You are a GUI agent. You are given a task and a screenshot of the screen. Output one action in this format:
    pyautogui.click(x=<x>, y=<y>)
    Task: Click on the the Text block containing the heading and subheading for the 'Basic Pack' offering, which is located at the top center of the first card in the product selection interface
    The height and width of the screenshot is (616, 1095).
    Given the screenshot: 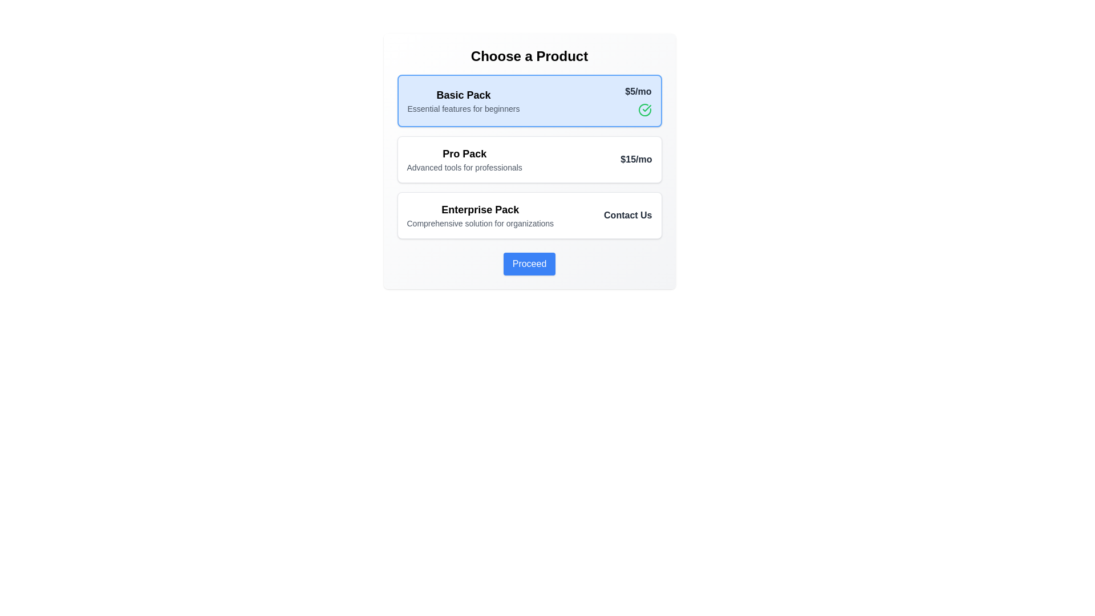 What is the action you would take?
    pyautogui.click(x=463, y=100)
    